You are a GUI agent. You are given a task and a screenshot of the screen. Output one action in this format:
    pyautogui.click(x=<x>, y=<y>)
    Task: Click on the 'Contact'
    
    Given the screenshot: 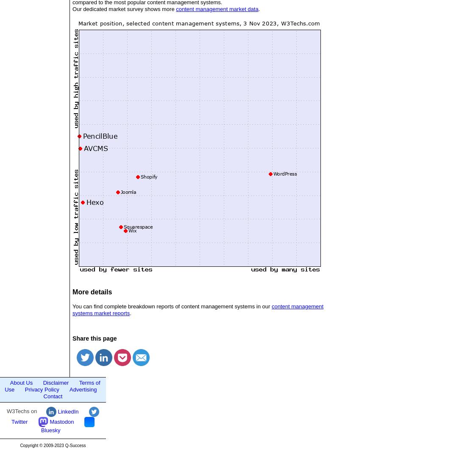 What is the action you would take?
    pyautogui.click(x=53, y=395)
    